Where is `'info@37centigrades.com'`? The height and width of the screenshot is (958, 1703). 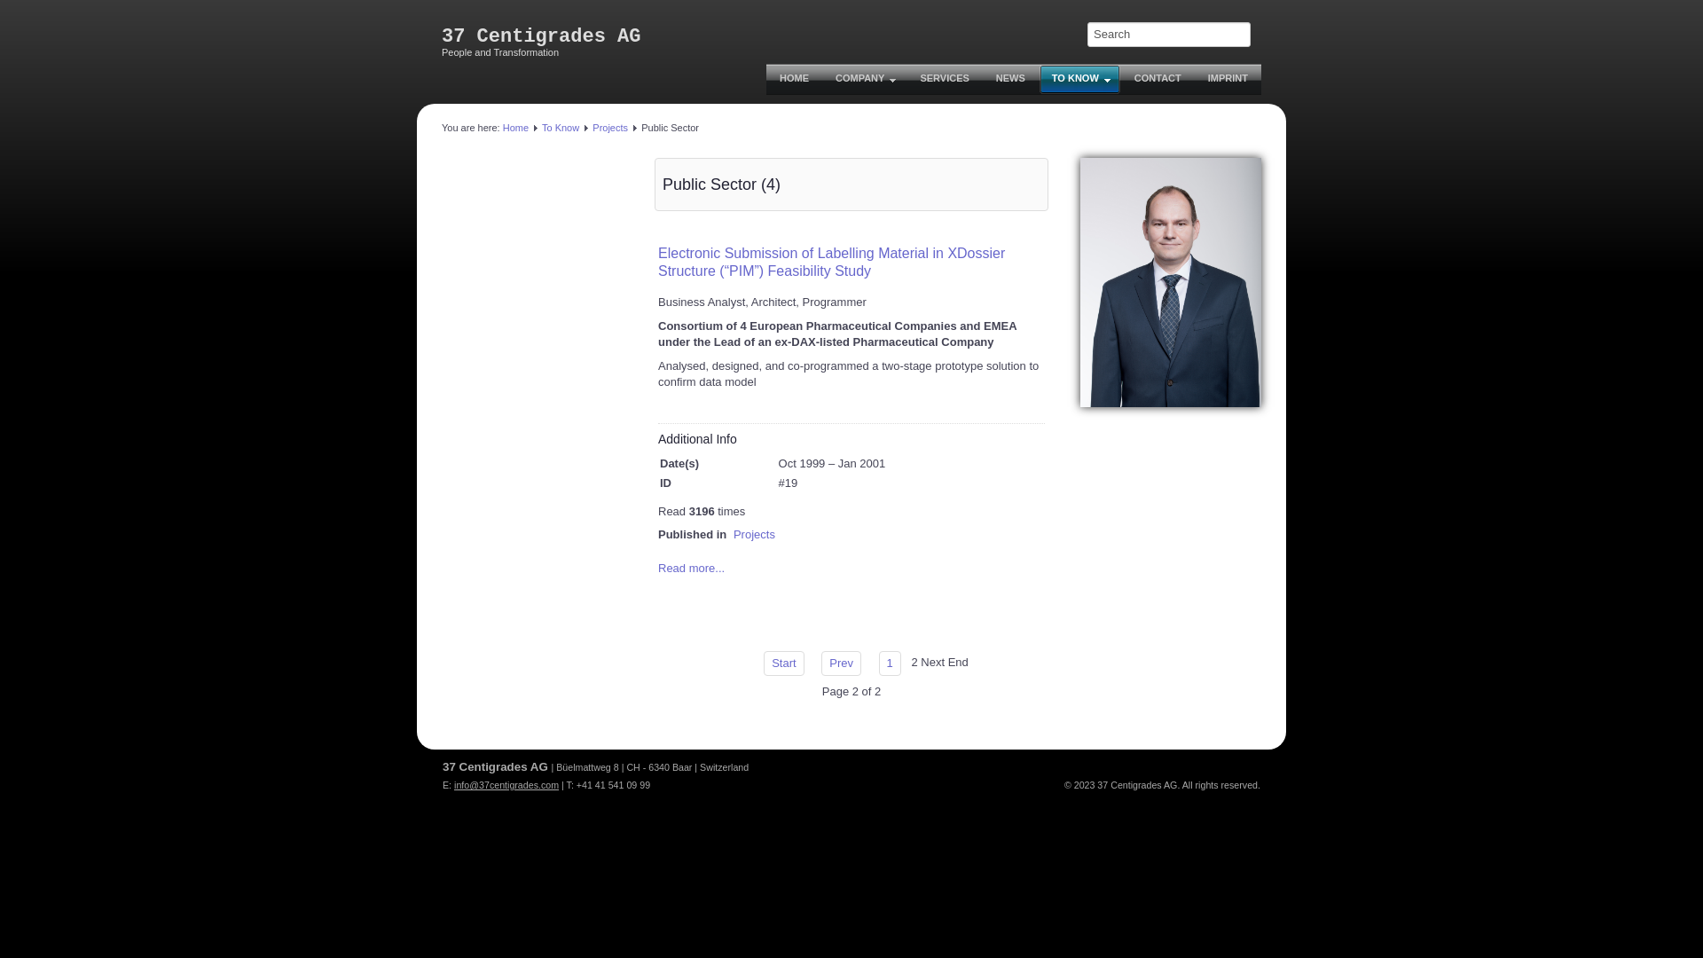
'info@37centigrades.com' is located at coordinates (506, 783).